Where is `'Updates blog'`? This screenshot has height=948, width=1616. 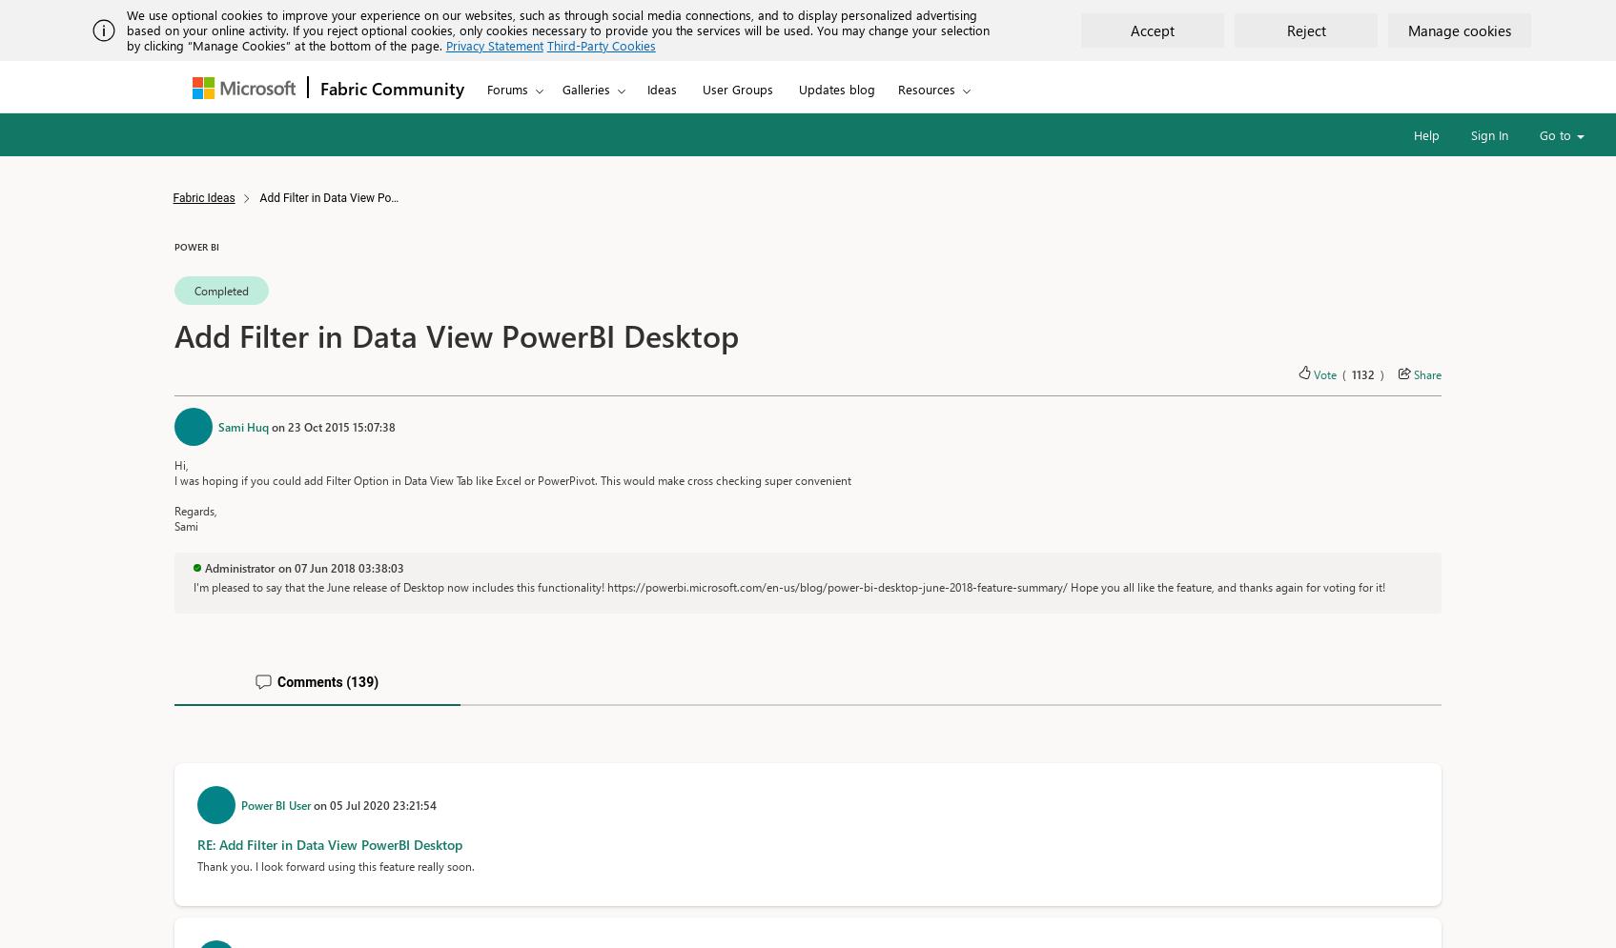
'Updates blog' is located at coordinates (836, 89).